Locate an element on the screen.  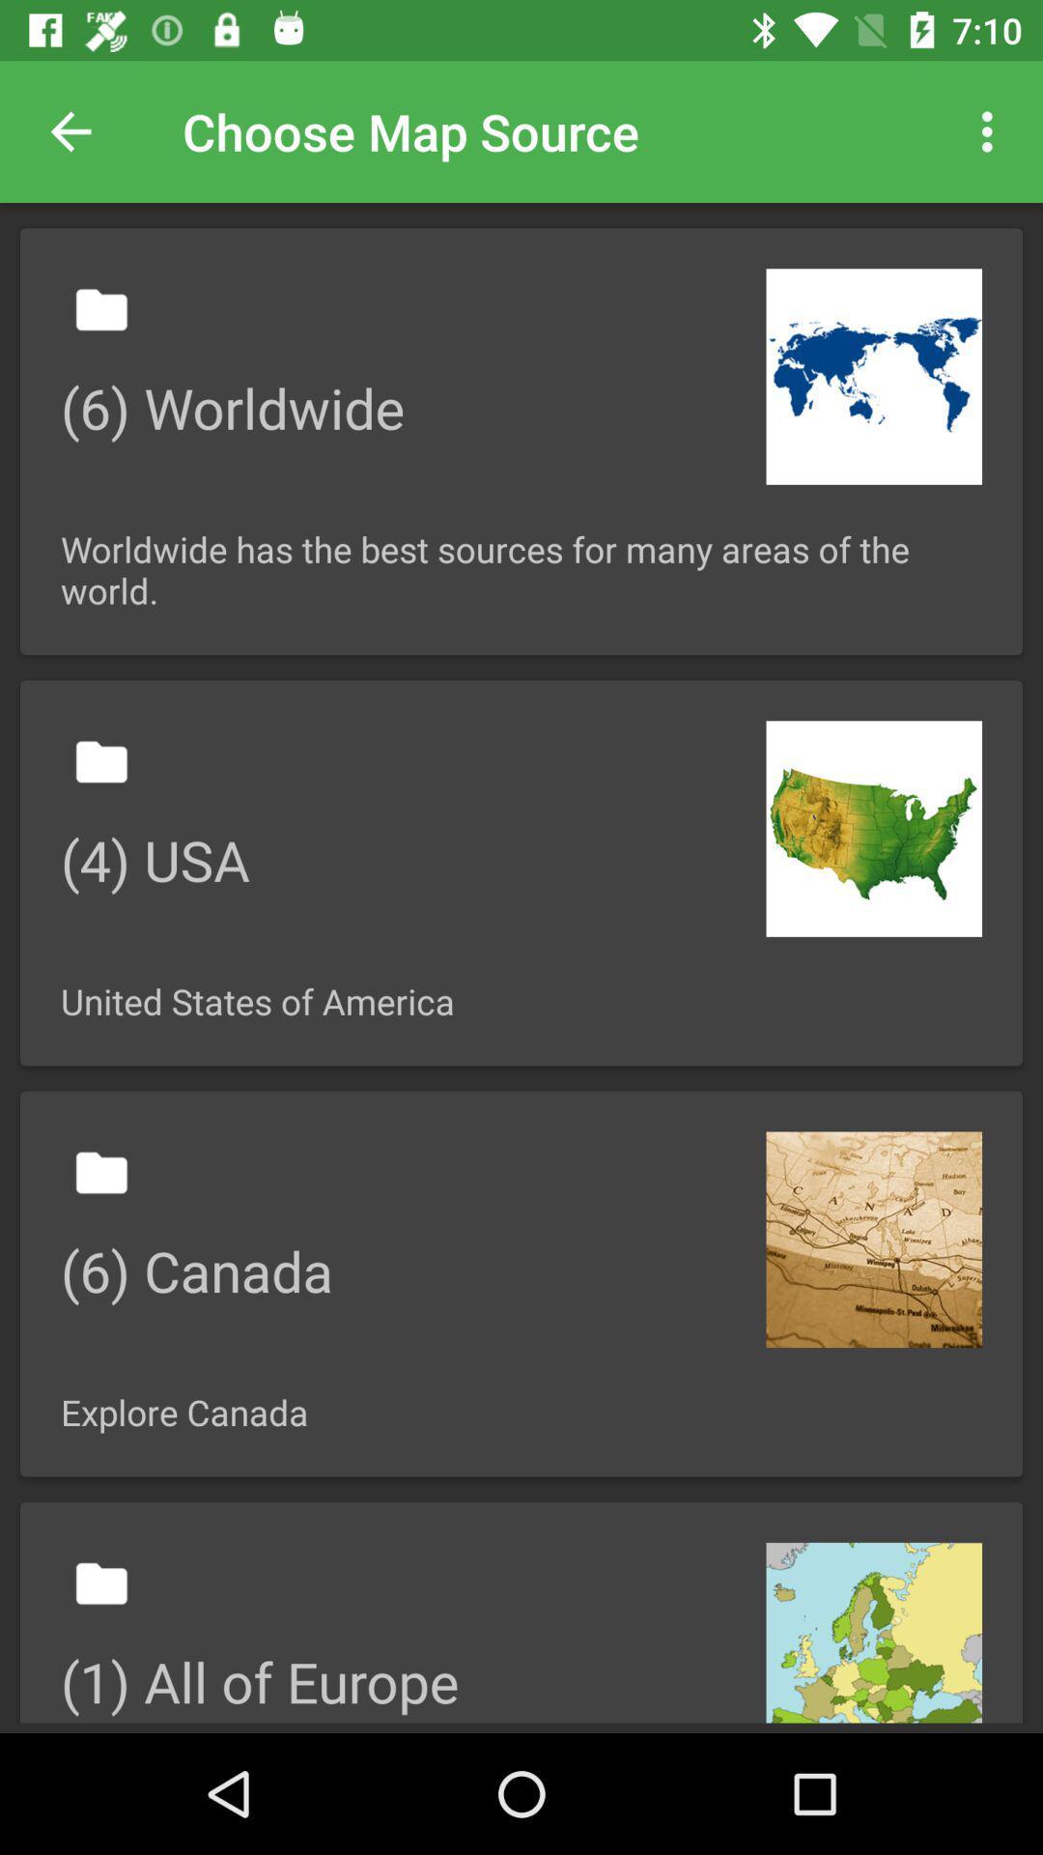
the item to the right of choose map source is located at coordinates (992, 130).